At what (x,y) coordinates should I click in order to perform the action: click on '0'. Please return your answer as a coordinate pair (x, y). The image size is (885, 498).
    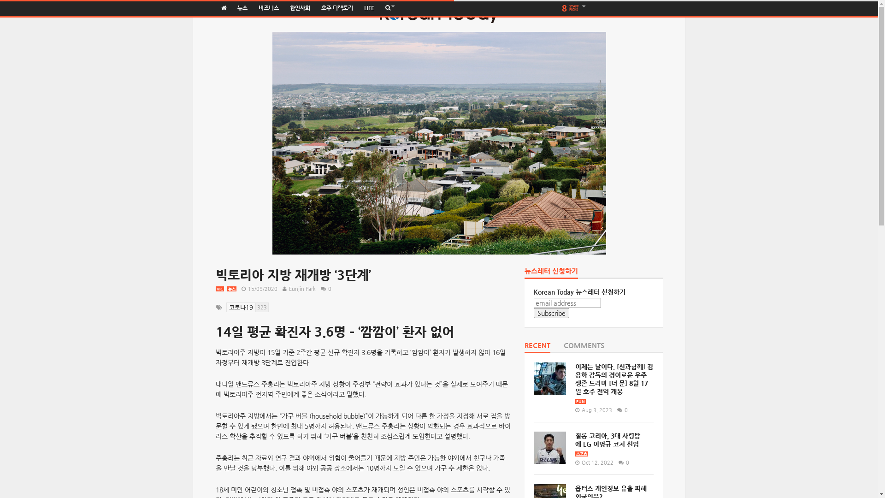
    Looking at the image, I should click on (620, 409).